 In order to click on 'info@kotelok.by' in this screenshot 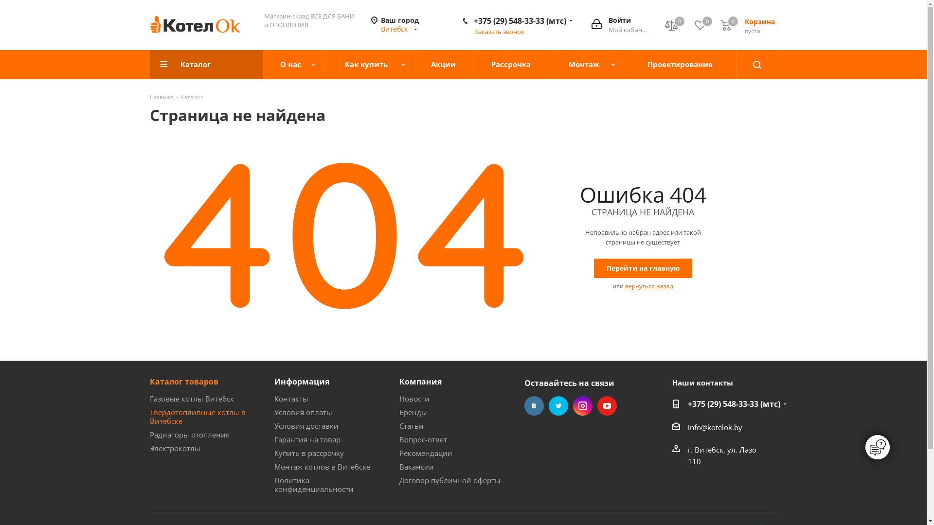, I will do `click(715, 427)`.